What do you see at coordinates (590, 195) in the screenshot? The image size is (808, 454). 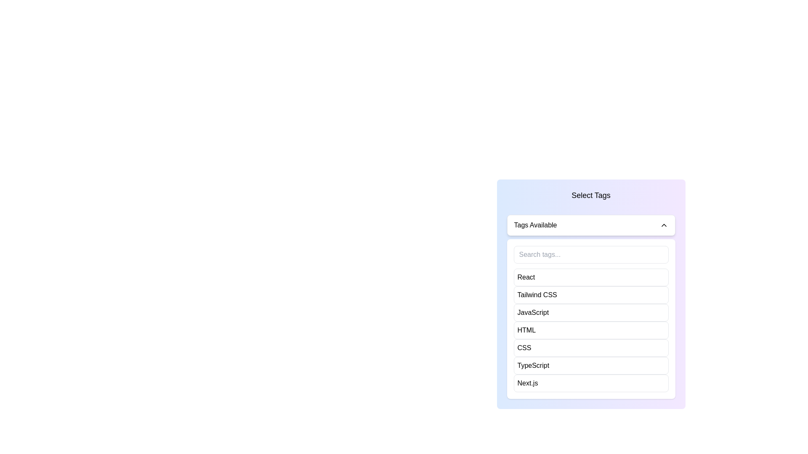 I see `text from the header element that says 'Select Tags', which is prominently displayed as a title above the form section` at bounding box center [590, 195].